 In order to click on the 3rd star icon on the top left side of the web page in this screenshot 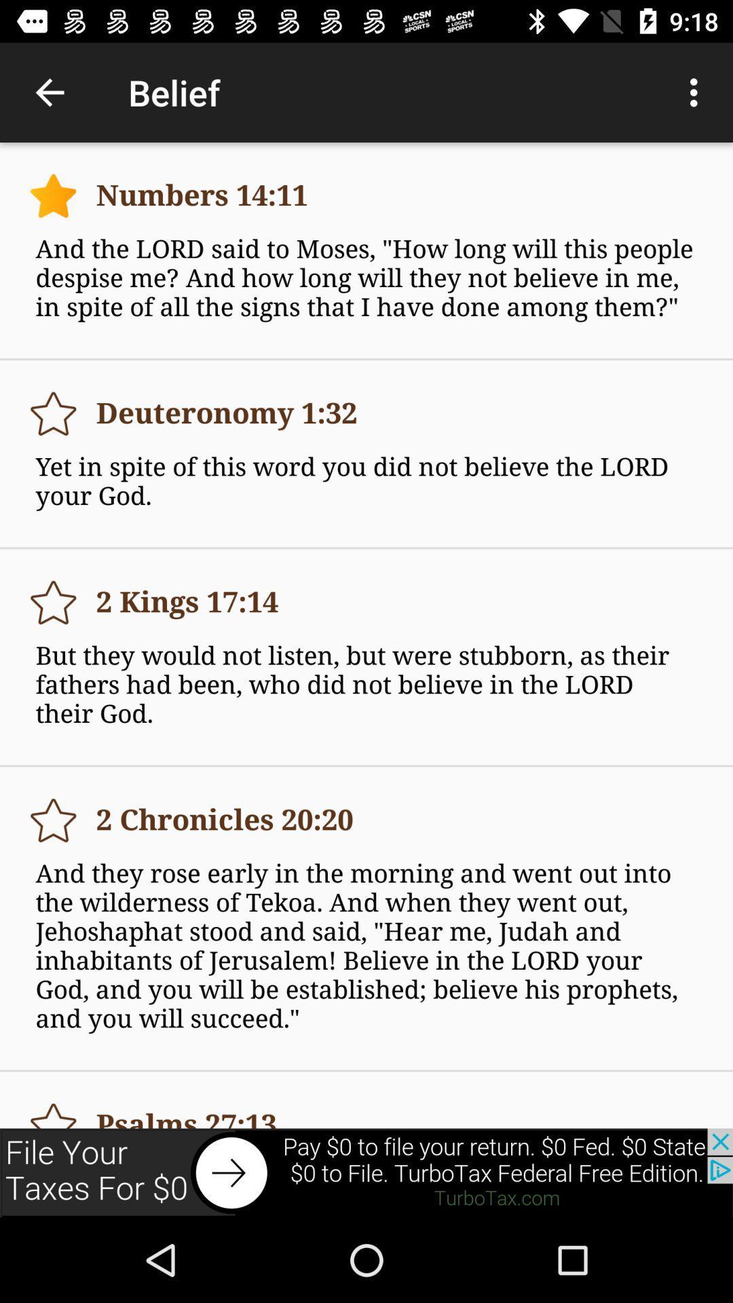, I will do `click(52, 602)`.